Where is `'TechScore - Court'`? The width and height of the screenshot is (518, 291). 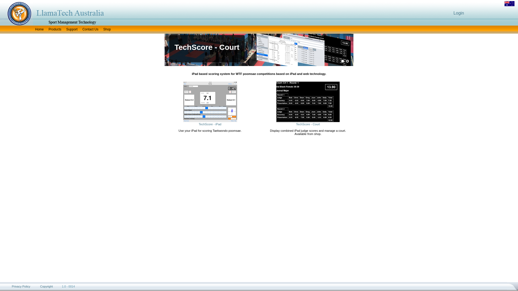
'TechScore - Court' is located at coordinates (308, 124).